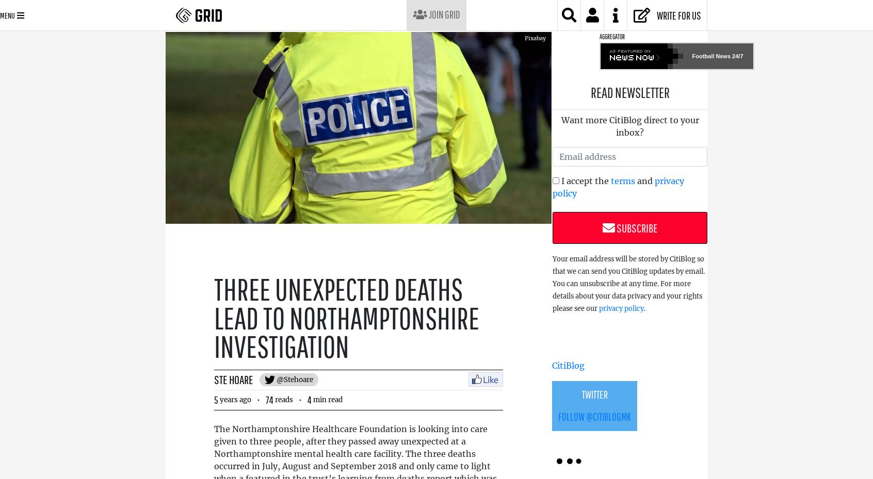 The width and height of the screenshot is (873, 479). I want to click on 'Subscribe', so click(636, 227).